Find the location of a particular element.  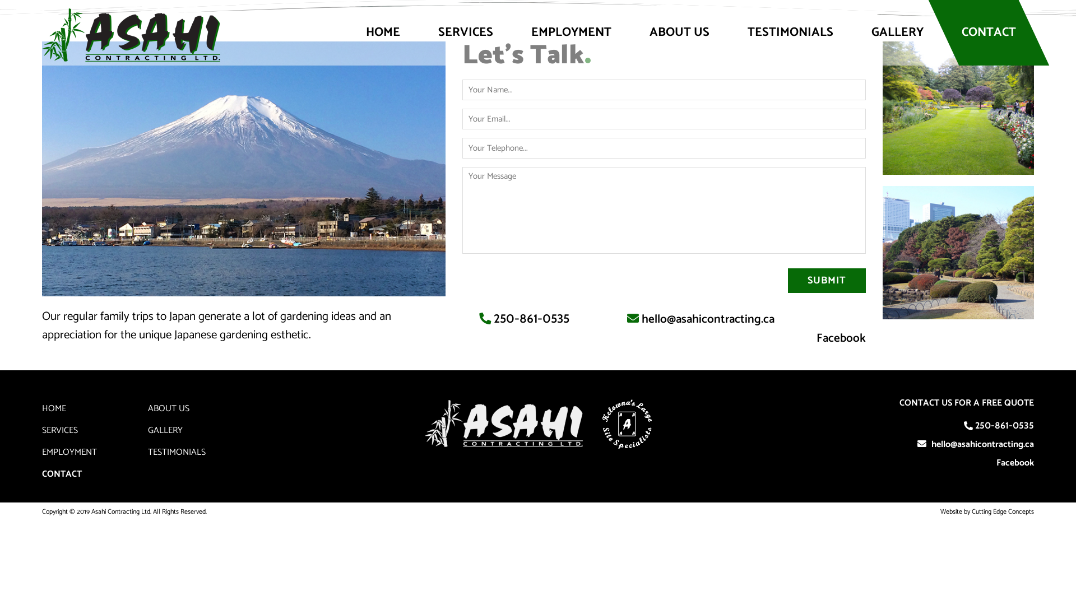

'Submit' is located at coordinates (827, 280).